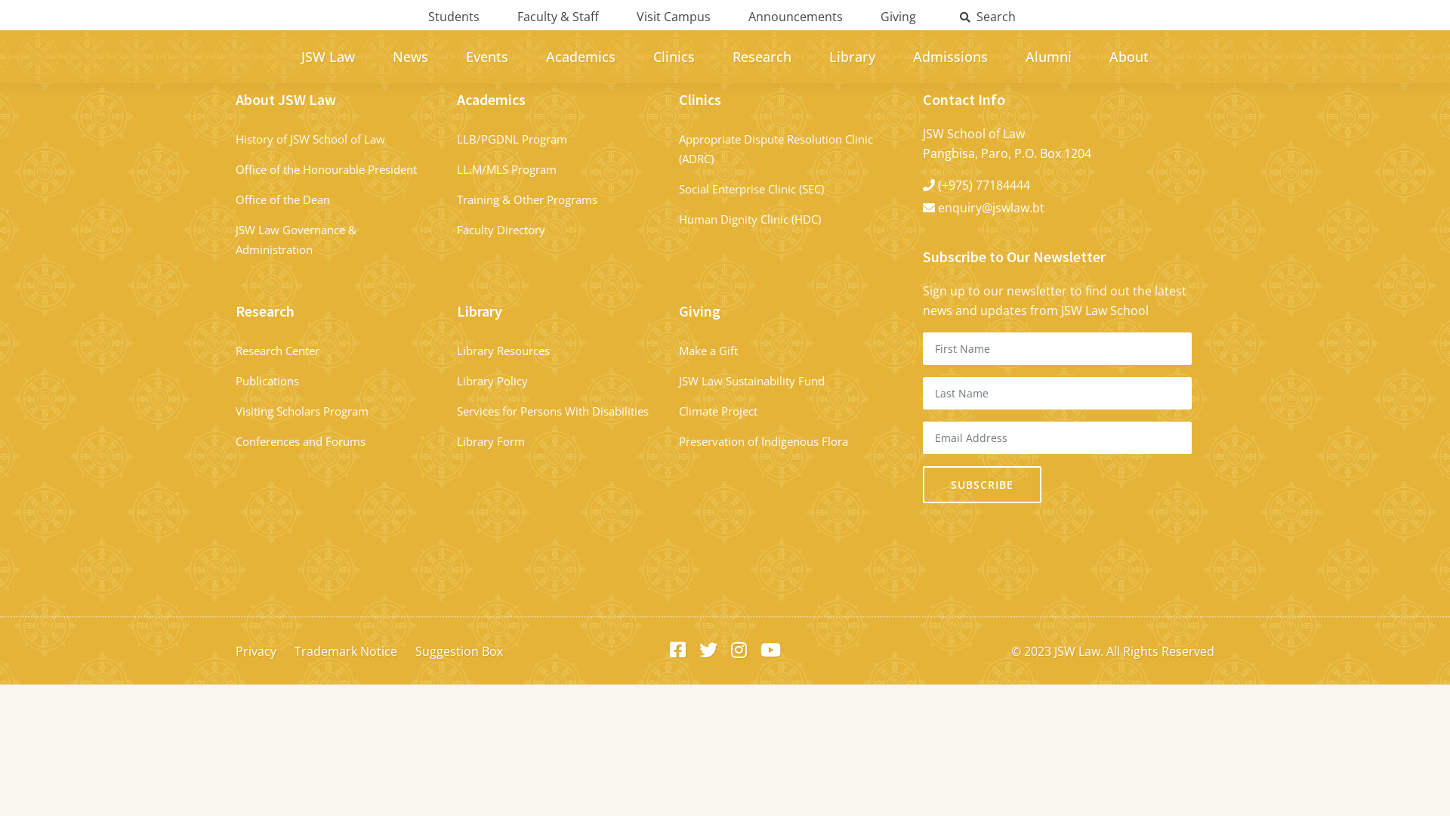 Image resolution: width=1450 pixels, height=816 pixels. What do you see at coordinates (277, 350) in the screenshot?
I see `'Research Center'` at bounding box center [277, 350].